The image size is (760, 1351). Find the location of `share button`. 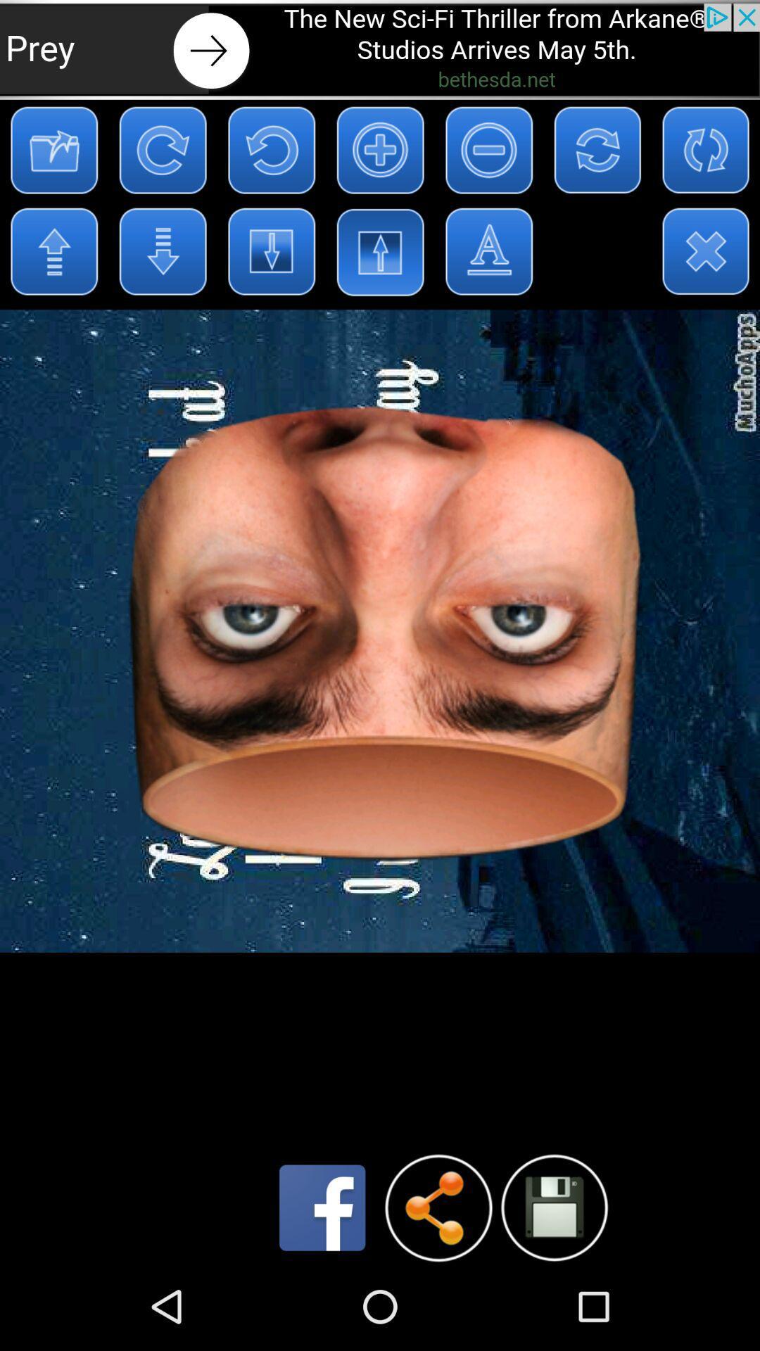

share button is located at coordinates (438, 1207).